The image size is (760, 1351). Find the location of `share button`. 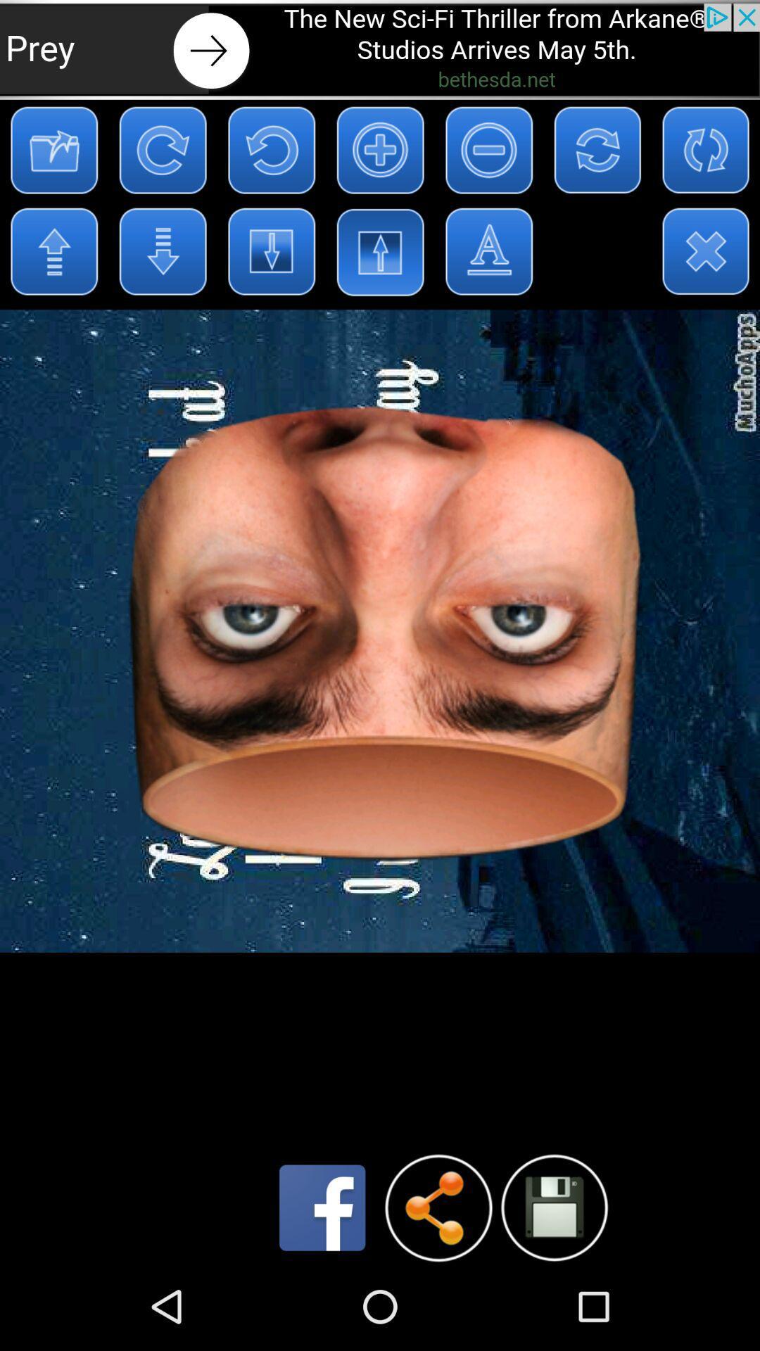

share button is located at coordinates (438, 1207).